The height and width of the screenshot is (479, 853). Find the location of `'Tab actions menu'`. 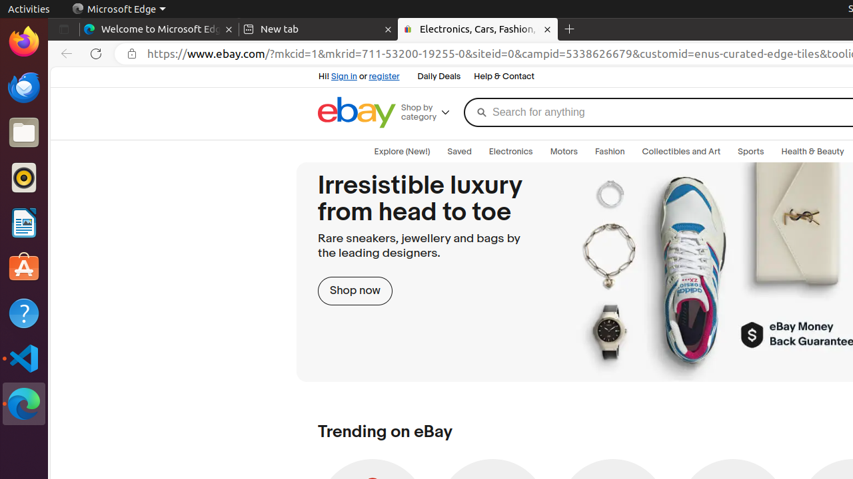

'Tab actions menu' is located at coordinates (63, 29).